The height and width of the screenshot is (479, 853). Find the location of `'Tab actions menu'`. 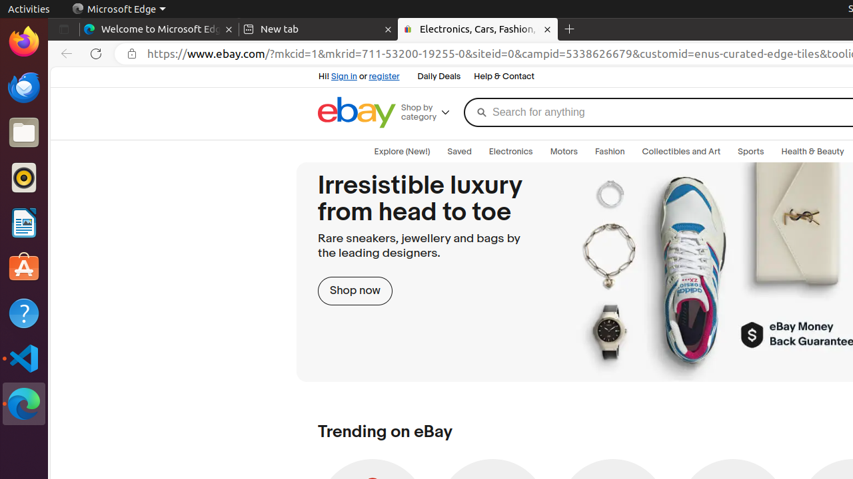

'Tab actions menu' is located at coordinates (63, 29).